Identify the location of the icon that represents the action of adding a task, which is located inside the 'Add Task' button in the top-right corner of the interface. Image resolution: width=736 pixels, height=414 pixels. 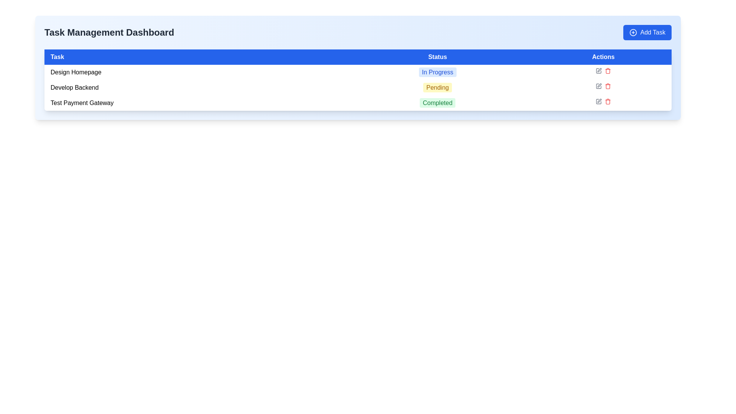
(633, 32).